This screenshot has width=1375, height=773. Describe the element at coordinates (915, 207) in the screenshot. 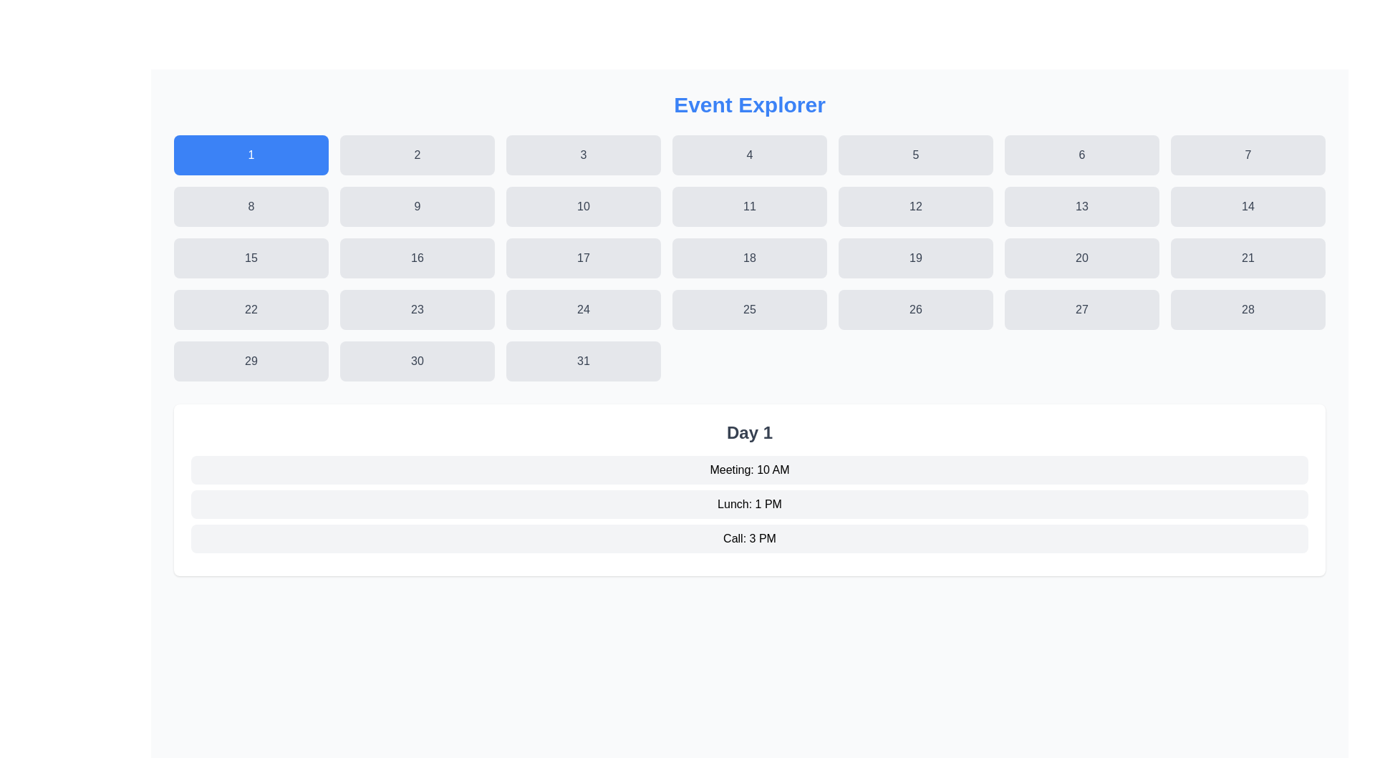

I see `the button located in the second row, fifth column of the grid under the 'Event Explorer' heading` at that location.